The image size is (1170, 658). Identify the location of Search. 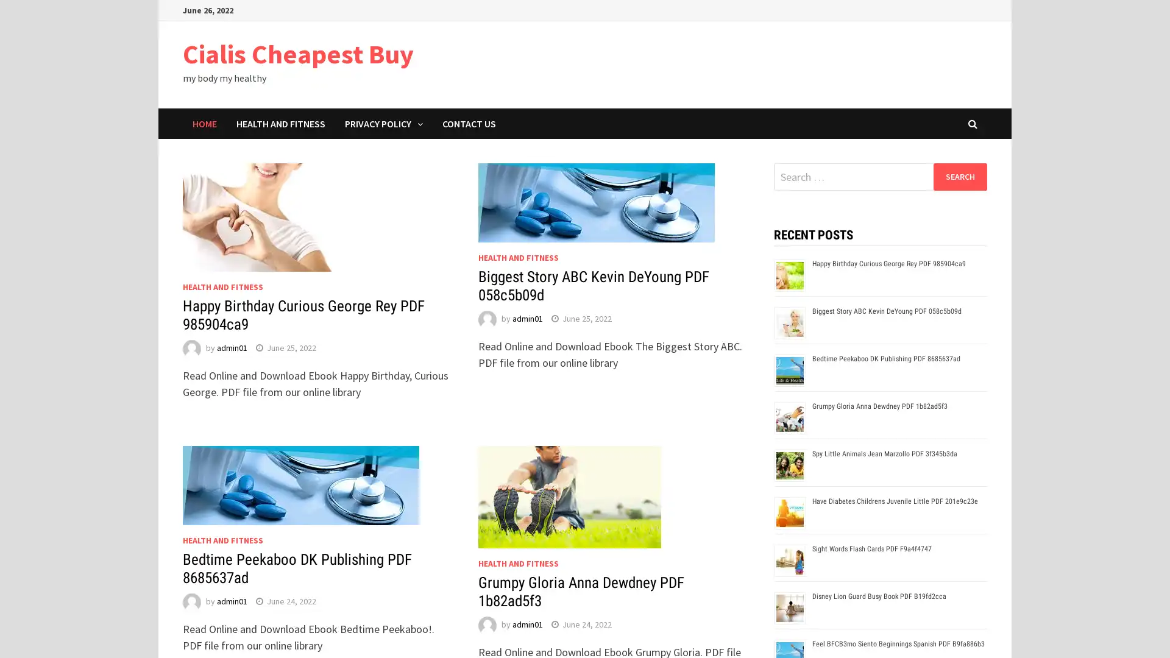
(959, 176).